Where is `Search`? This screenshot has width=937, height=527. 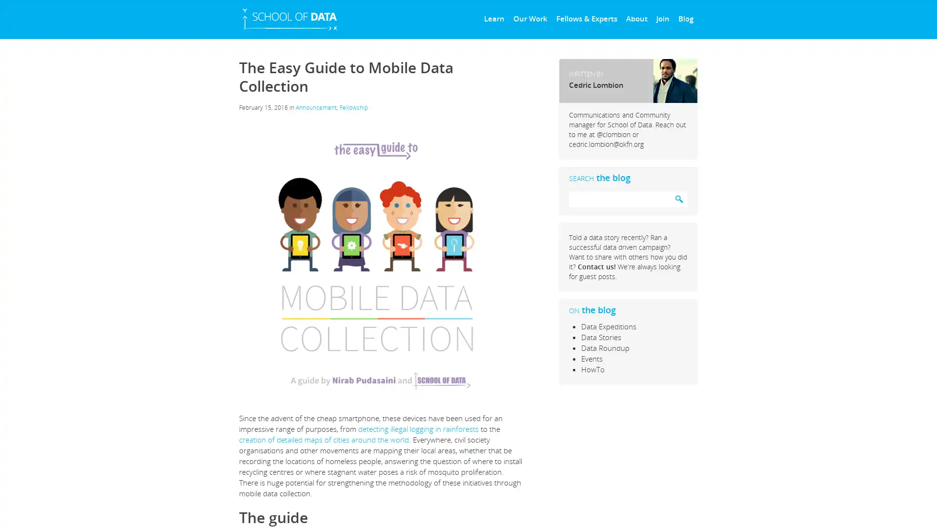 Search is located at coordinates (678, 199).